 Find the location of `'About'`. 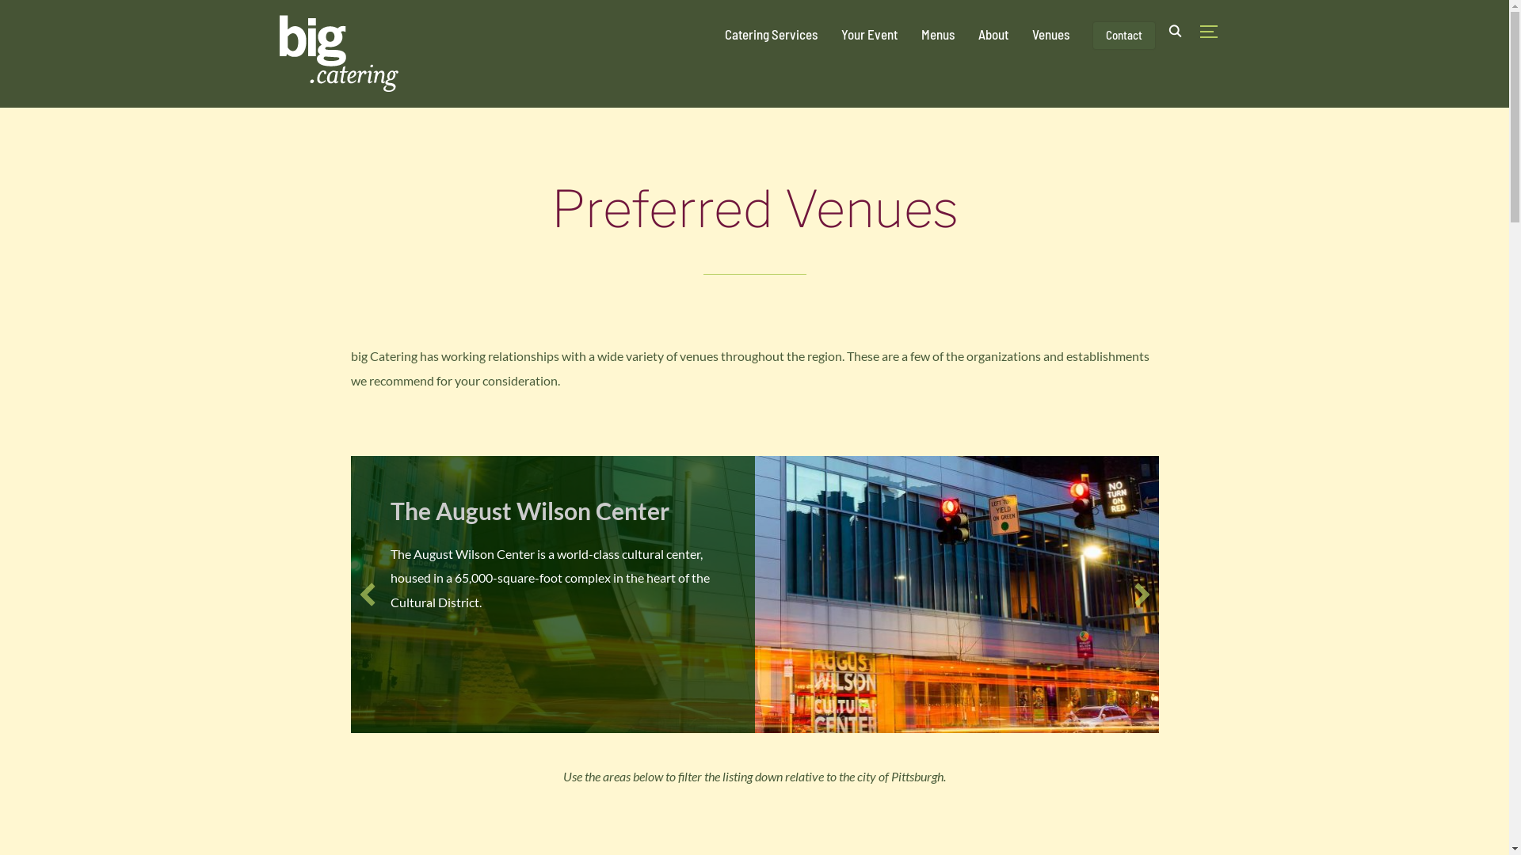

'About' is located at coordinates (976, 33).